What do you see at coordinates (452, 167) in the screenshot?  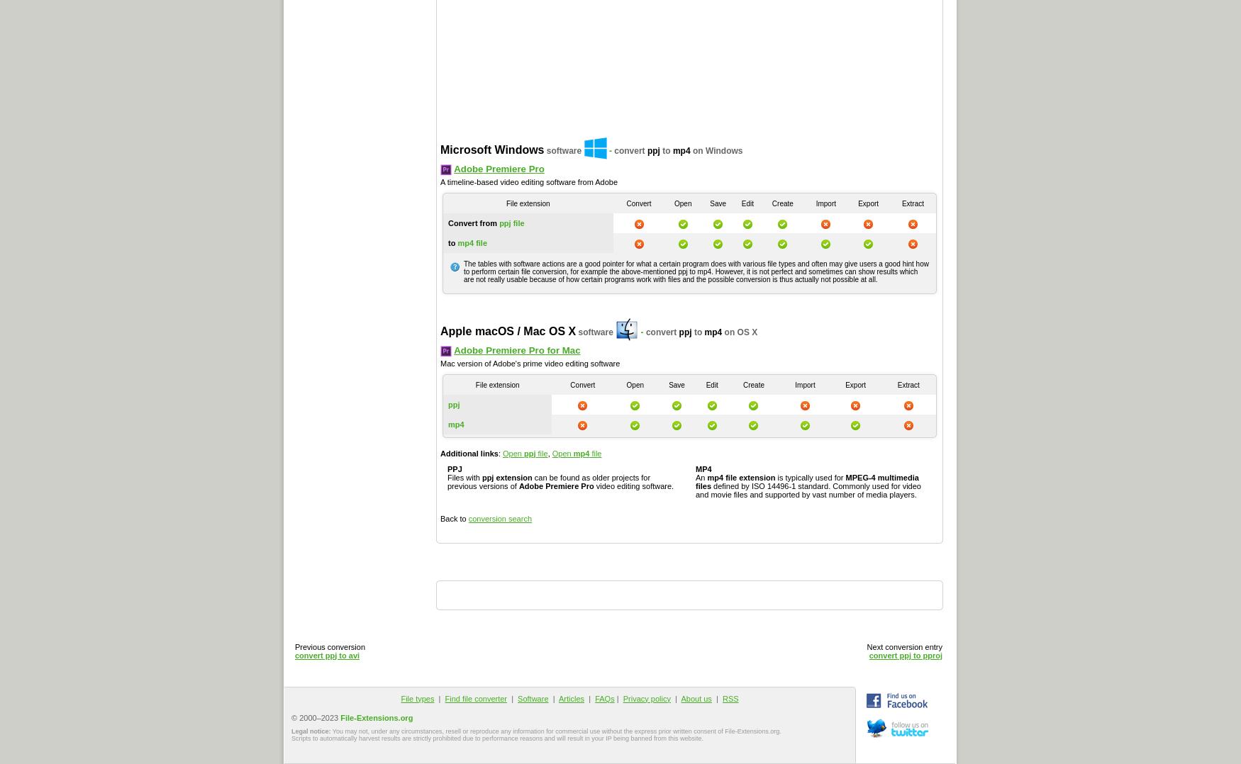 I see `'Adobe Premiere Pro'` at bounding box center [452, 167].